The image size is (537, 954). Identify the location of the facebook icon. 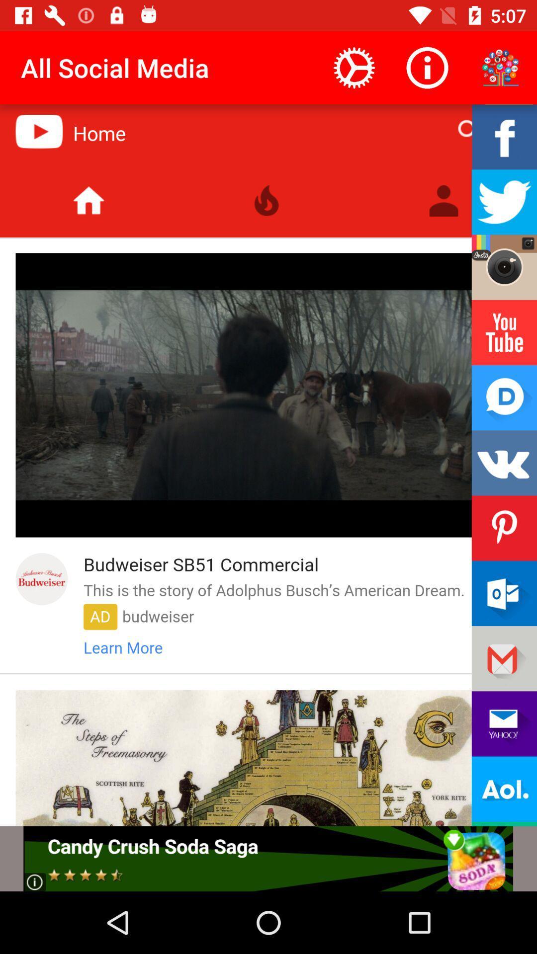
(504, 136).